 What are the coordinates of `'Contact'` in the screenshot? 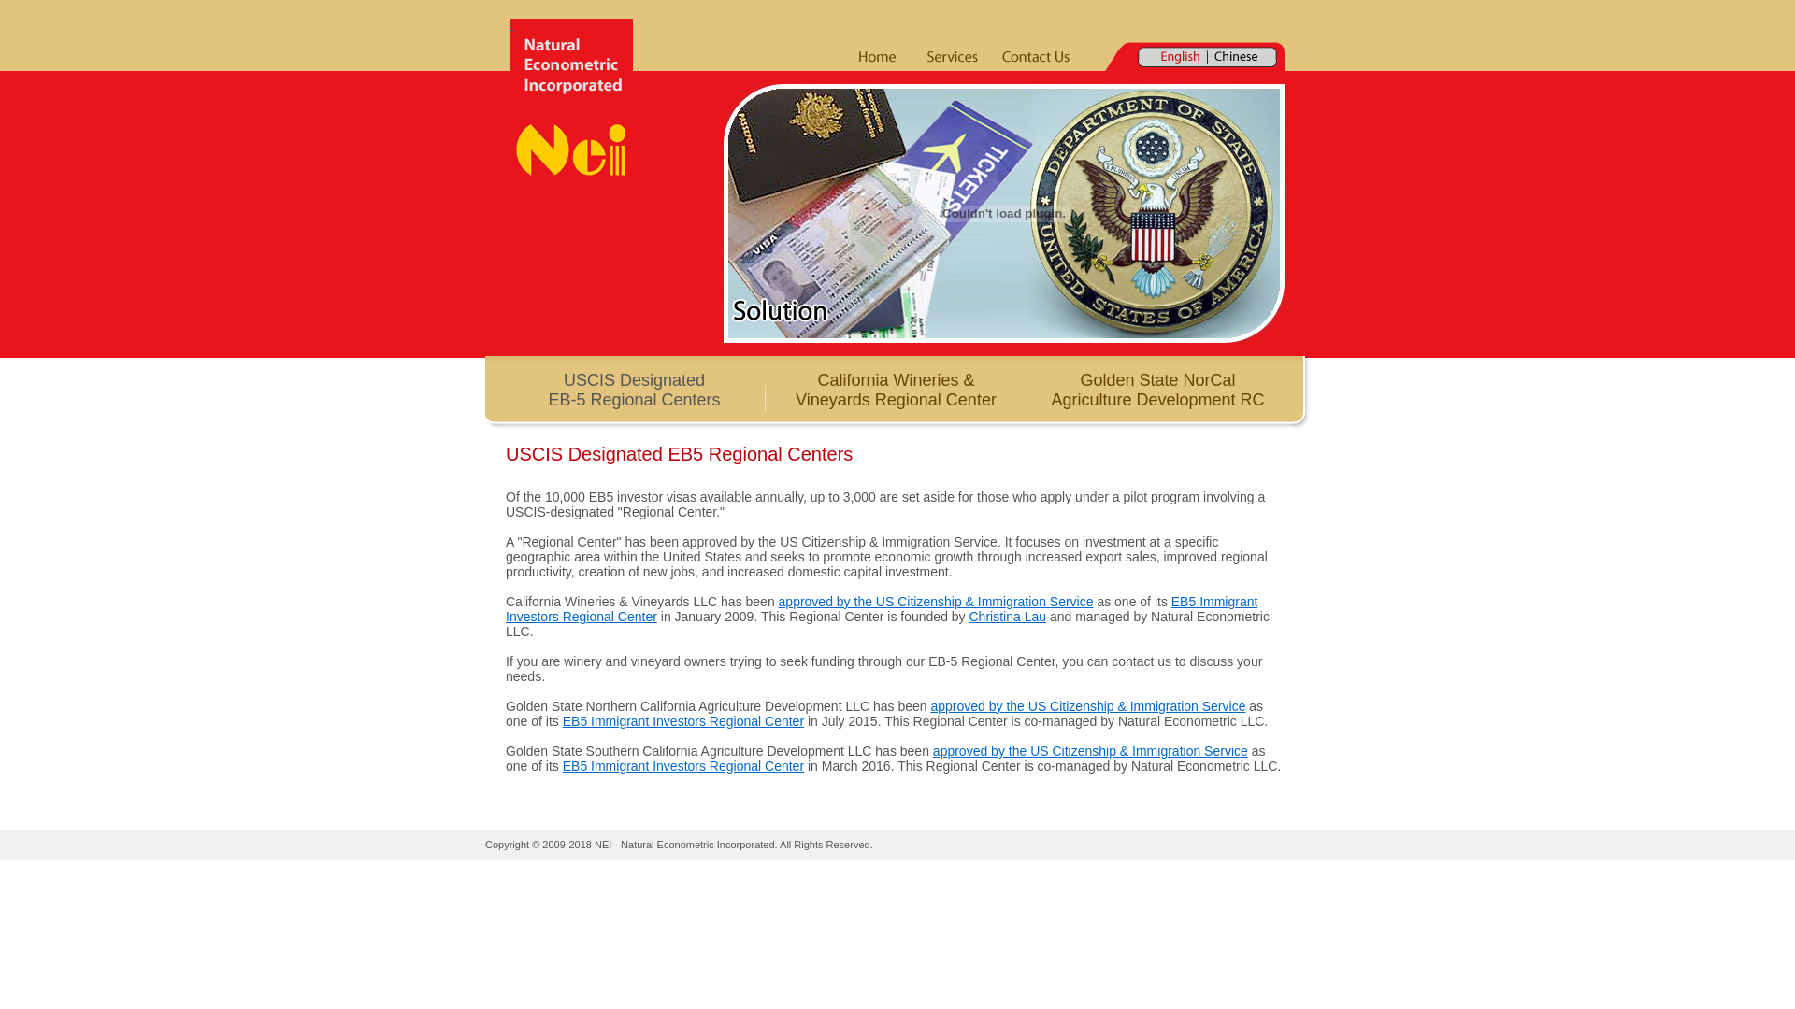 It's located at (991, 55).